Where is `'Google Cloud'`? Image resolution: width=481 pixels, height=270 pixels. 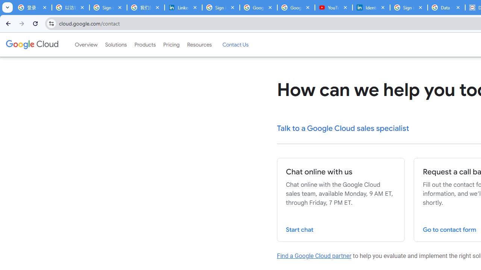
'Google Cloud' is located at coordinates (32, 45).